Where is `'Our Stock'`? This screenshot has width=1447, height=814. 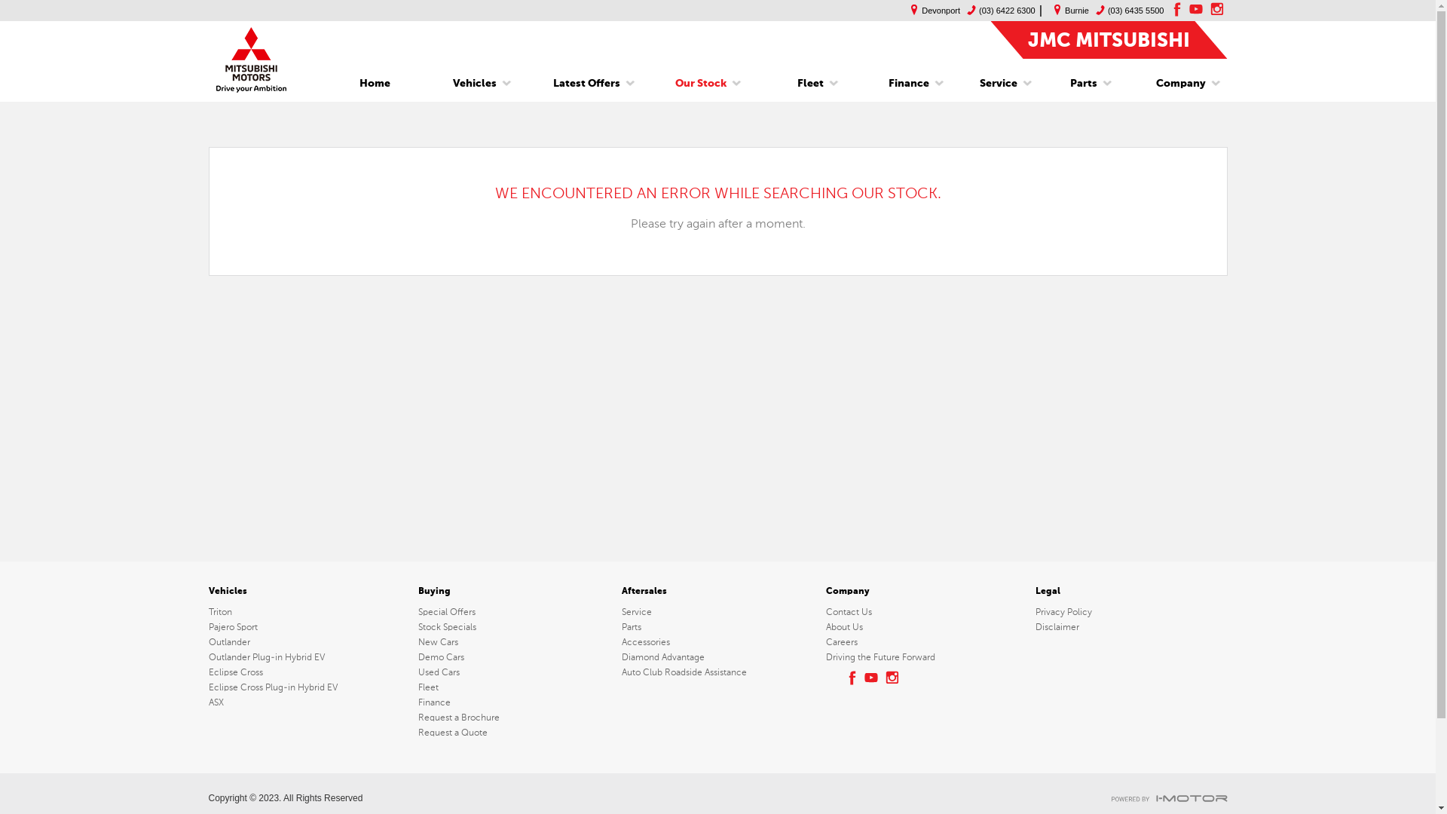
'Our Stock' is located at coordinates (700, 84).